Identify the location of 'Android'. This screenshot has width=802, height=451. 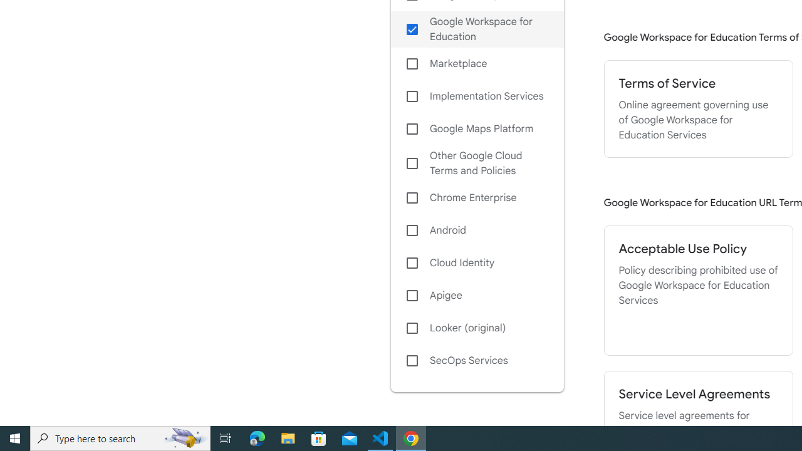
(476, 230).